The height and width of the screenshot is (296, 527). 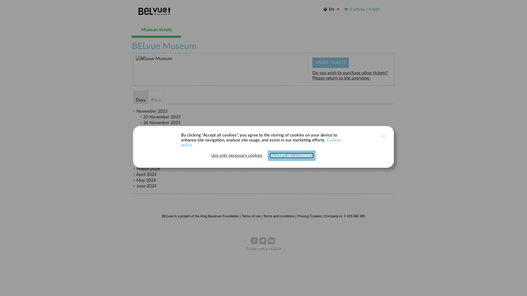 I want to click on 'ORDER TICKETS', so click(x=330, y=62).